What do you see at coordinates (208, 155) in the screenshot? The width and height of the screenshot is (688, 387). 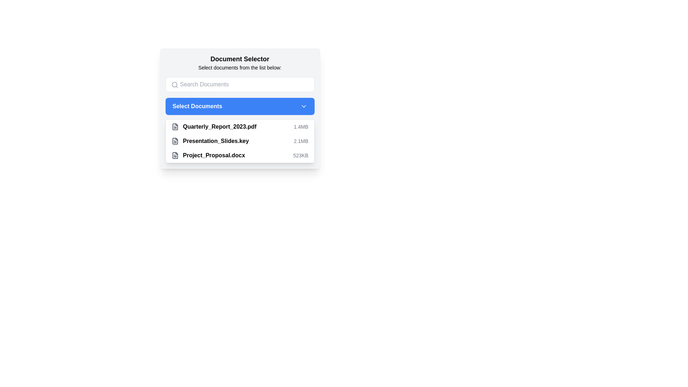 I see `the selectable list item representing the document 'Project_Proposal.docx' in the file selector` at bounding box center [208, 155].